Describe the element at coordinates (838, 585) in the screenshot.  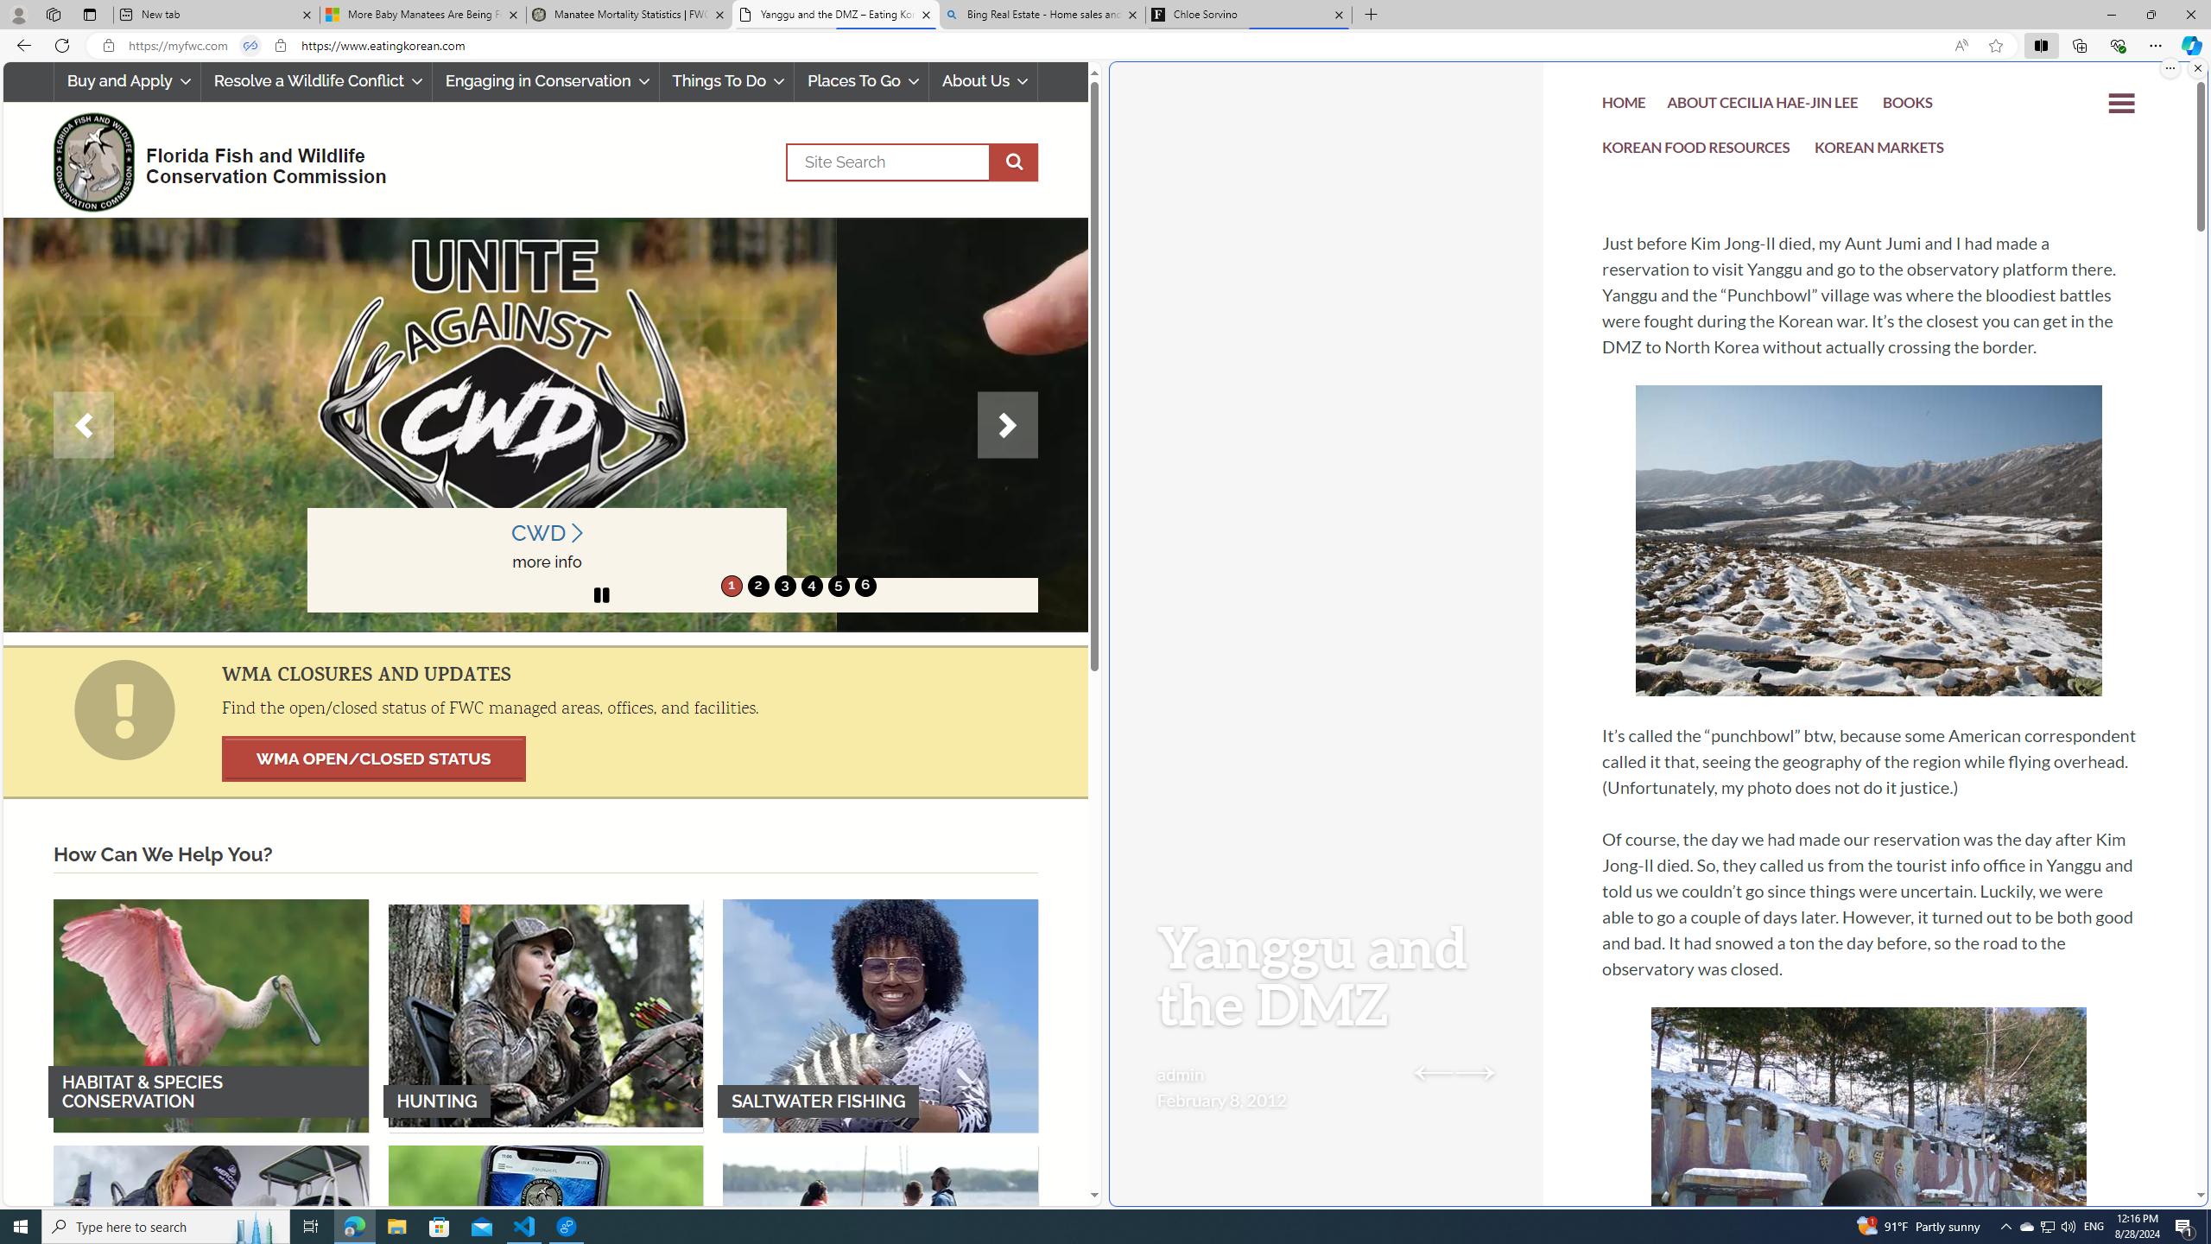
I see `'5'` at that location.